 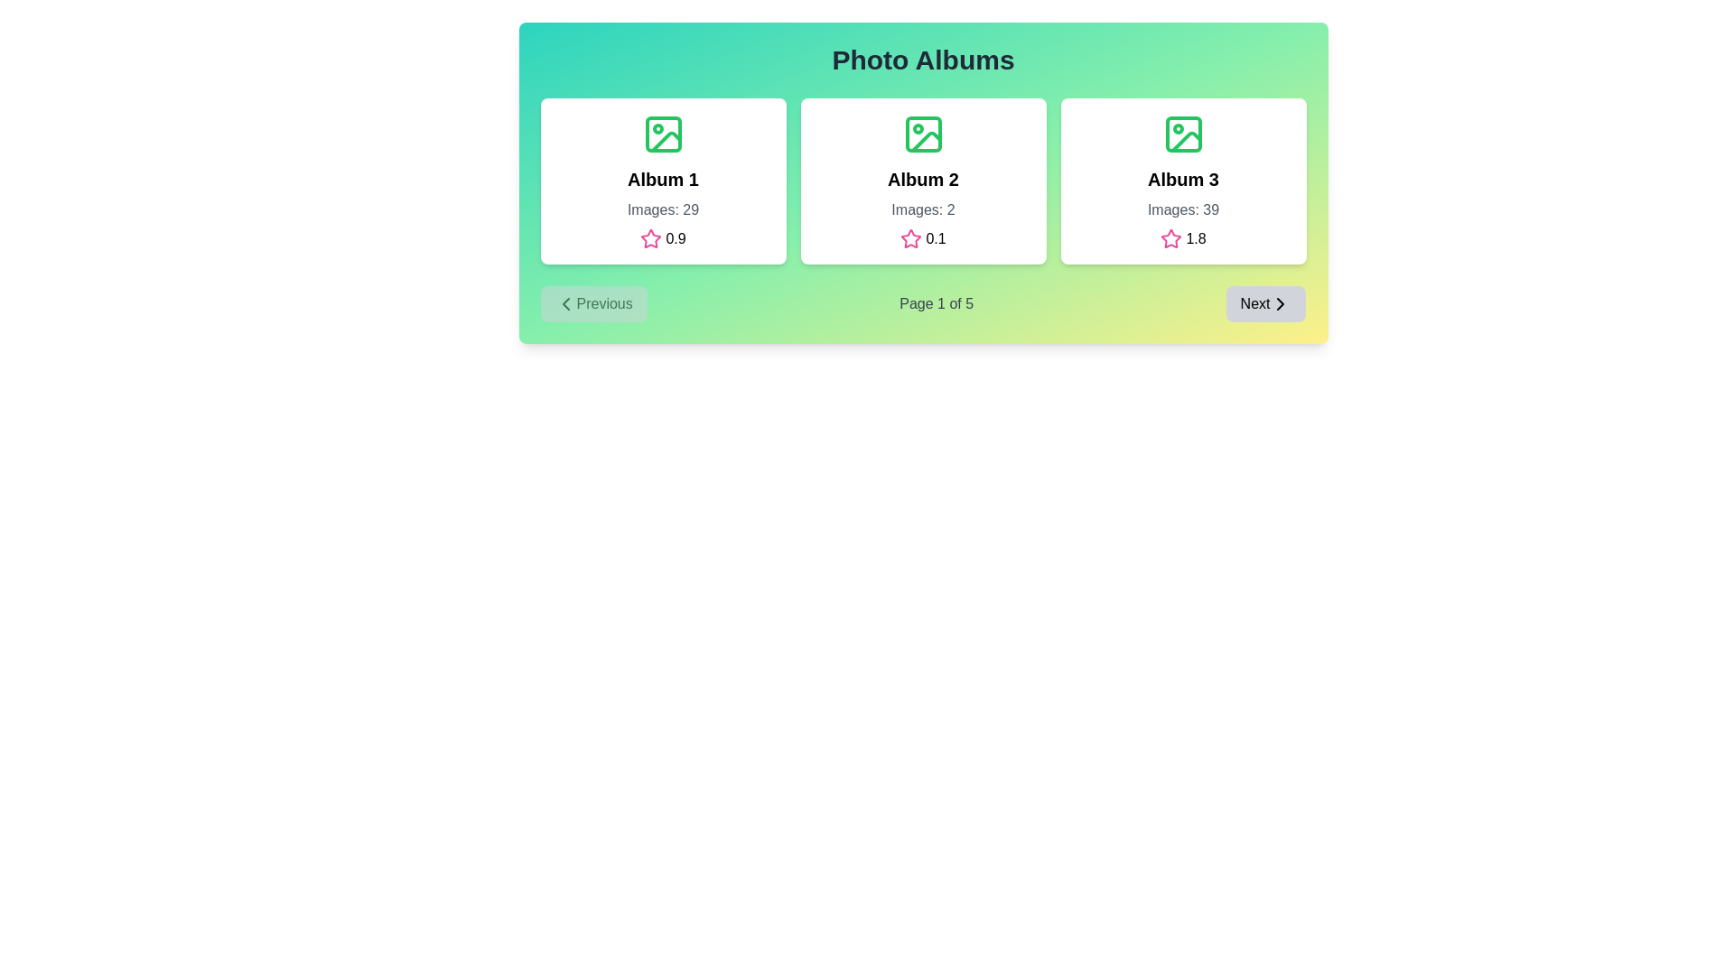 I want to click on rating value displayed next to the pink outlined star icon in the card for 'Album 1', which shows '0.9', so click(x=662, y=238).